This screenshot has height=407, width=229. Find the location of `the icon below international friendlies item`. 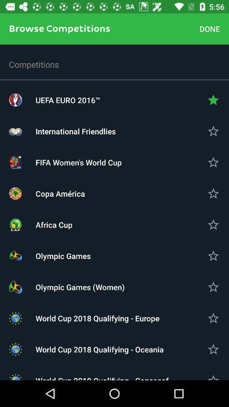

the icon below international friendlies item is located at coordinates (114, 162).